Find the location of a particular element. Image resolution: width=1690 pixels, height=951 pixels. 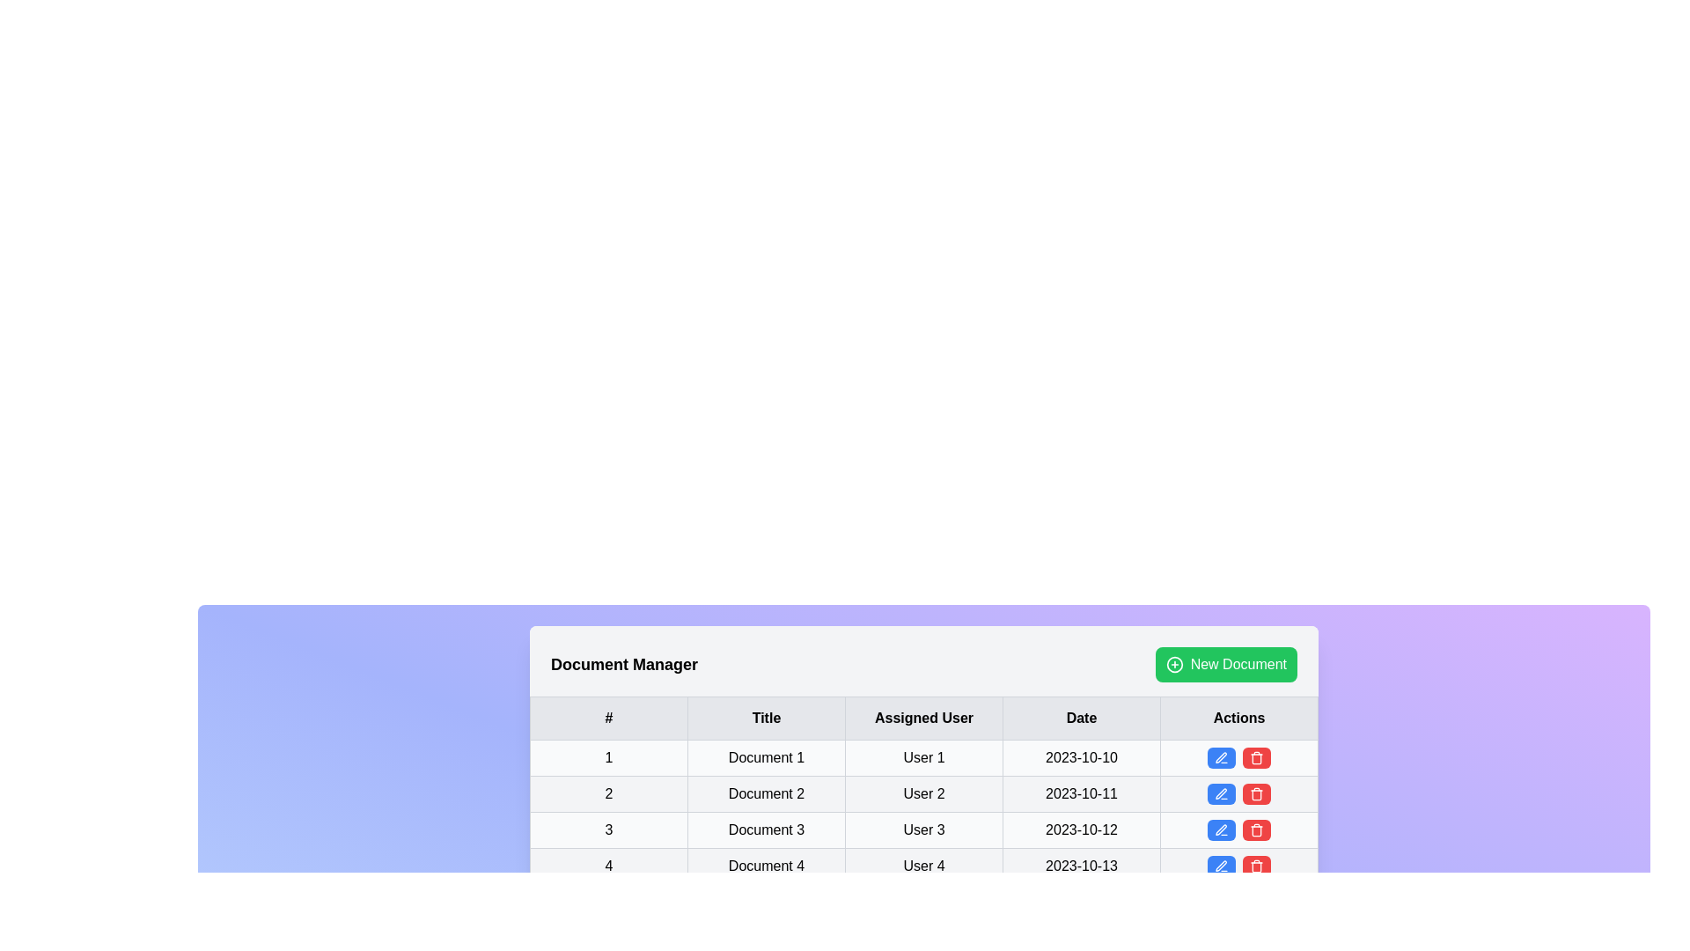

the Static Text Cell containing the numeral '2', which is located in the second row of the table under the '#' column is located at coordinates (608, 794).